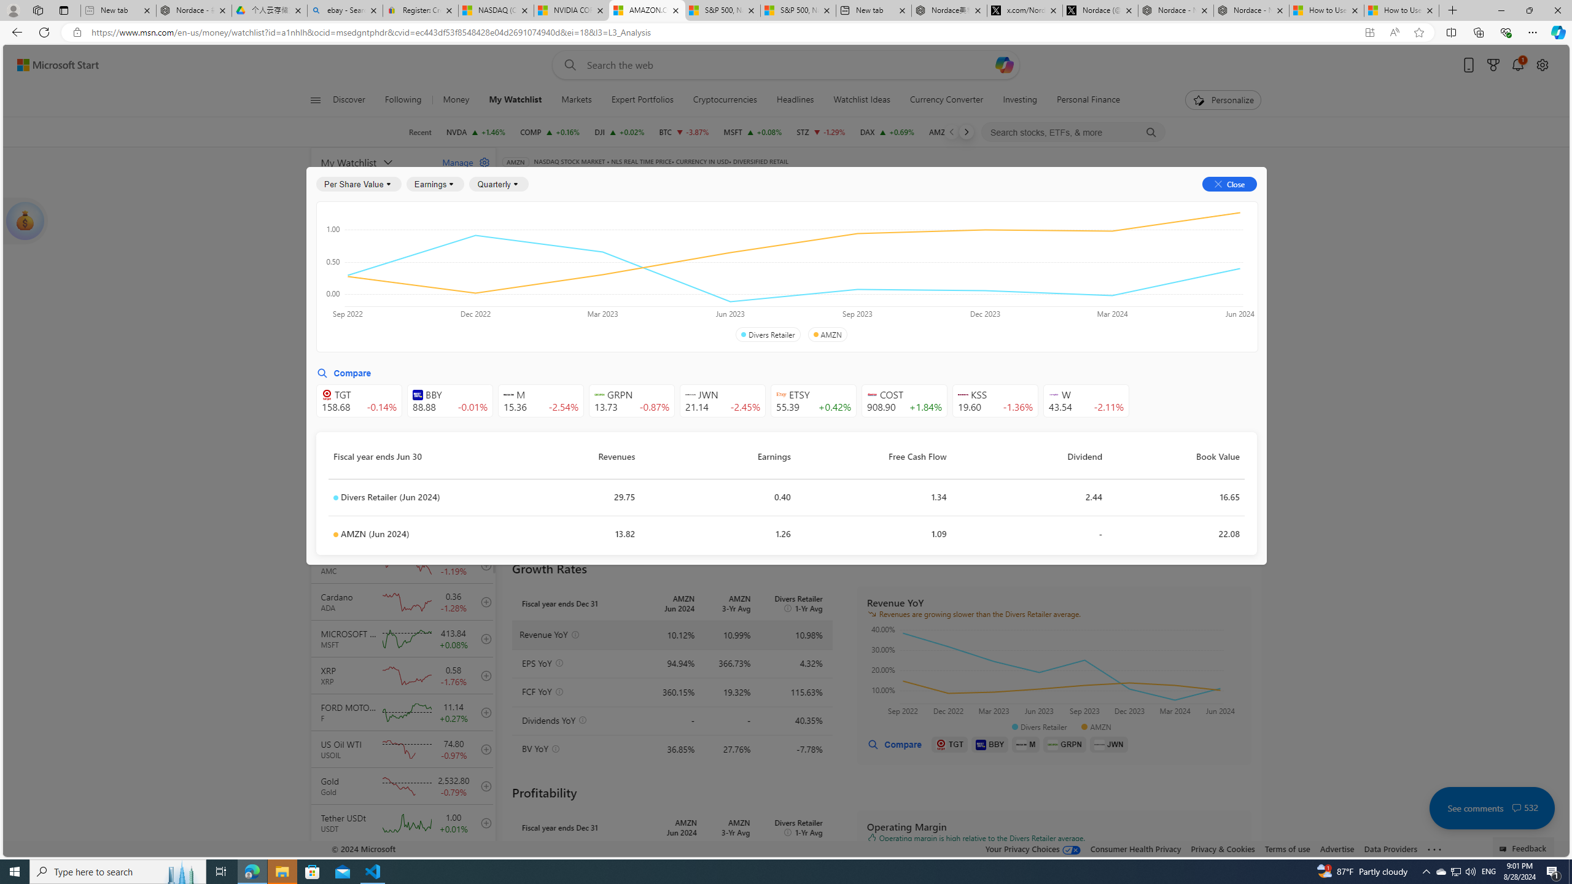 The height and width of the screenshot is (884, 1572). Describe the element at coordinates (618, 131) in the screenshot. I see `'DJI DOW increase 41,250.50 +9.98 +0.02%'` at that location.